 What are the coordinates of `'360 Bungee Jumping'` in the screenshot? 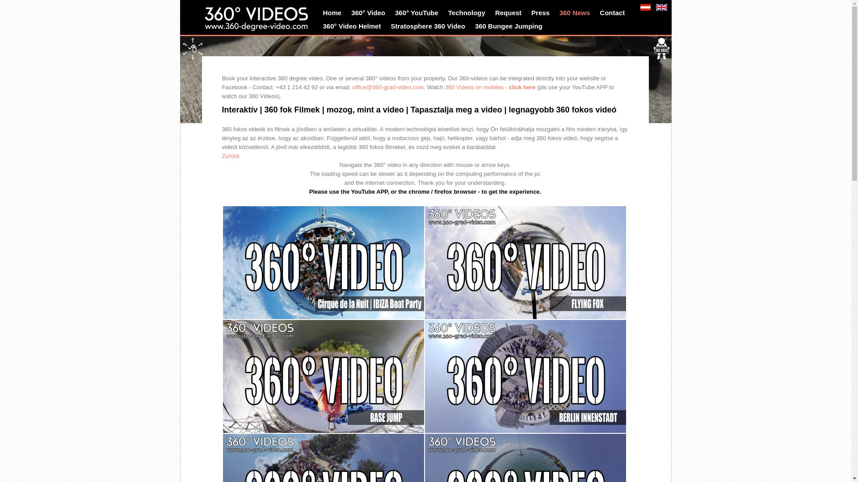 It's located at (510, 25).